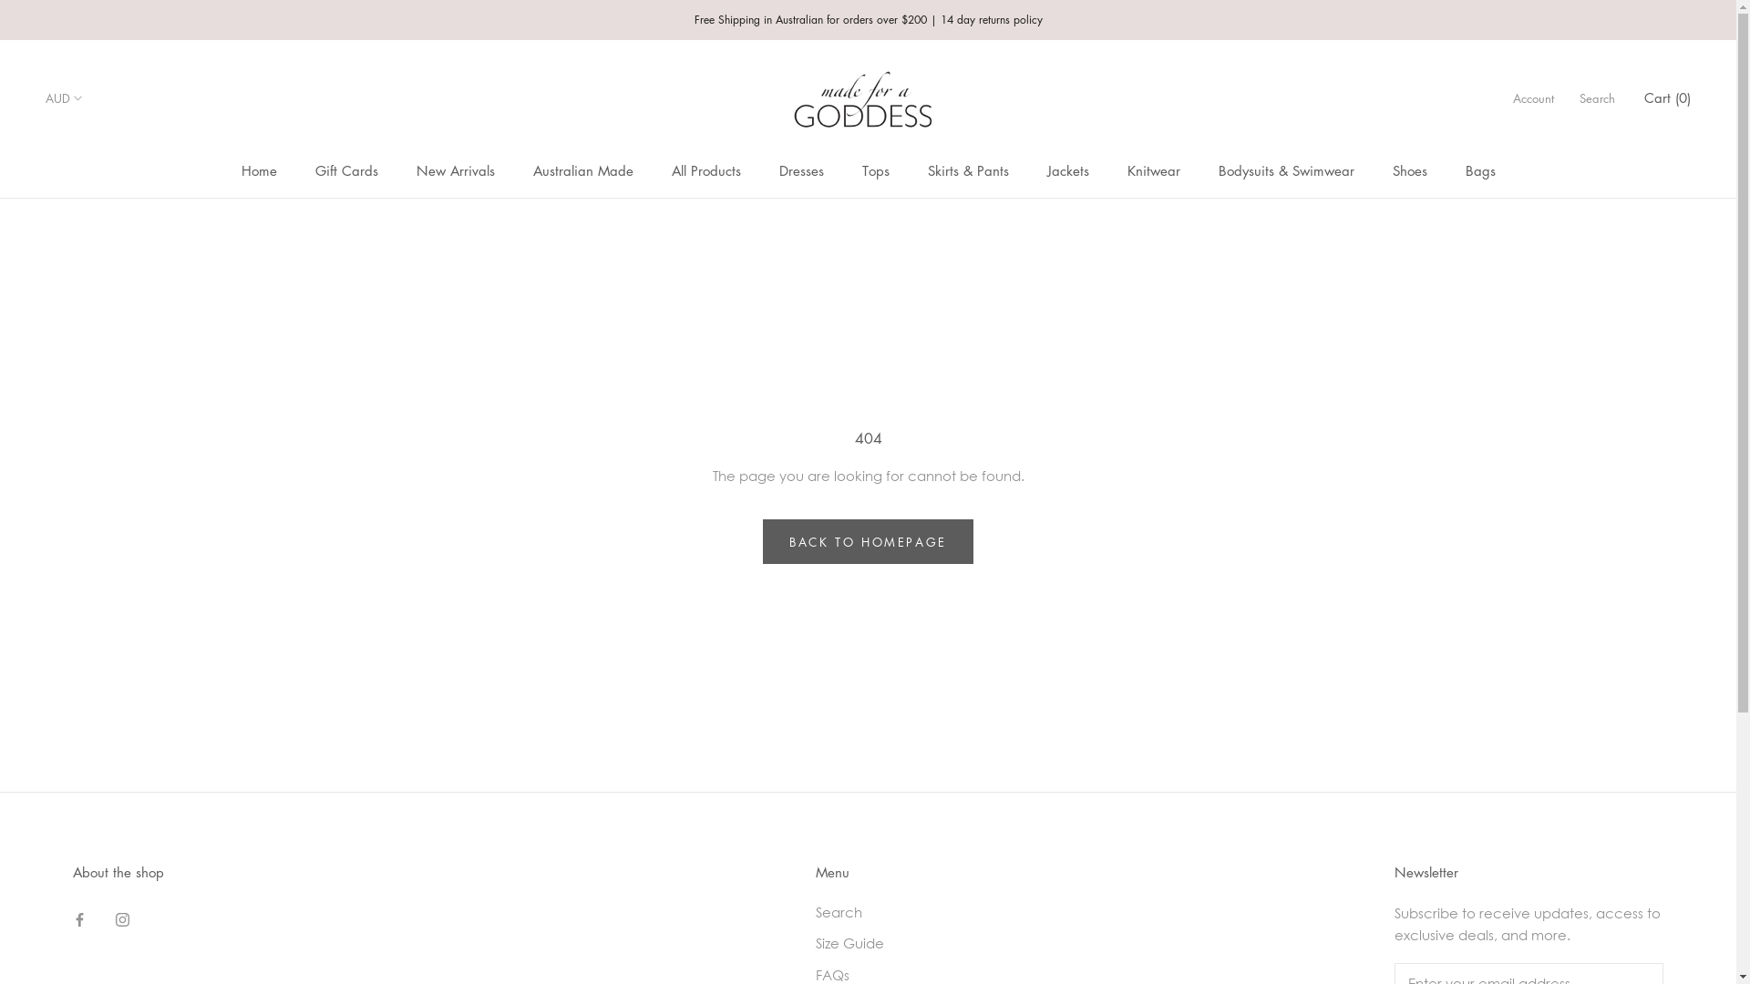 The height and width of the screenshot is (984, 1750). What do you see at coordinates (531, 169) in the screenshot?
I see `'Australian Made` at bounding box center [531, 169].